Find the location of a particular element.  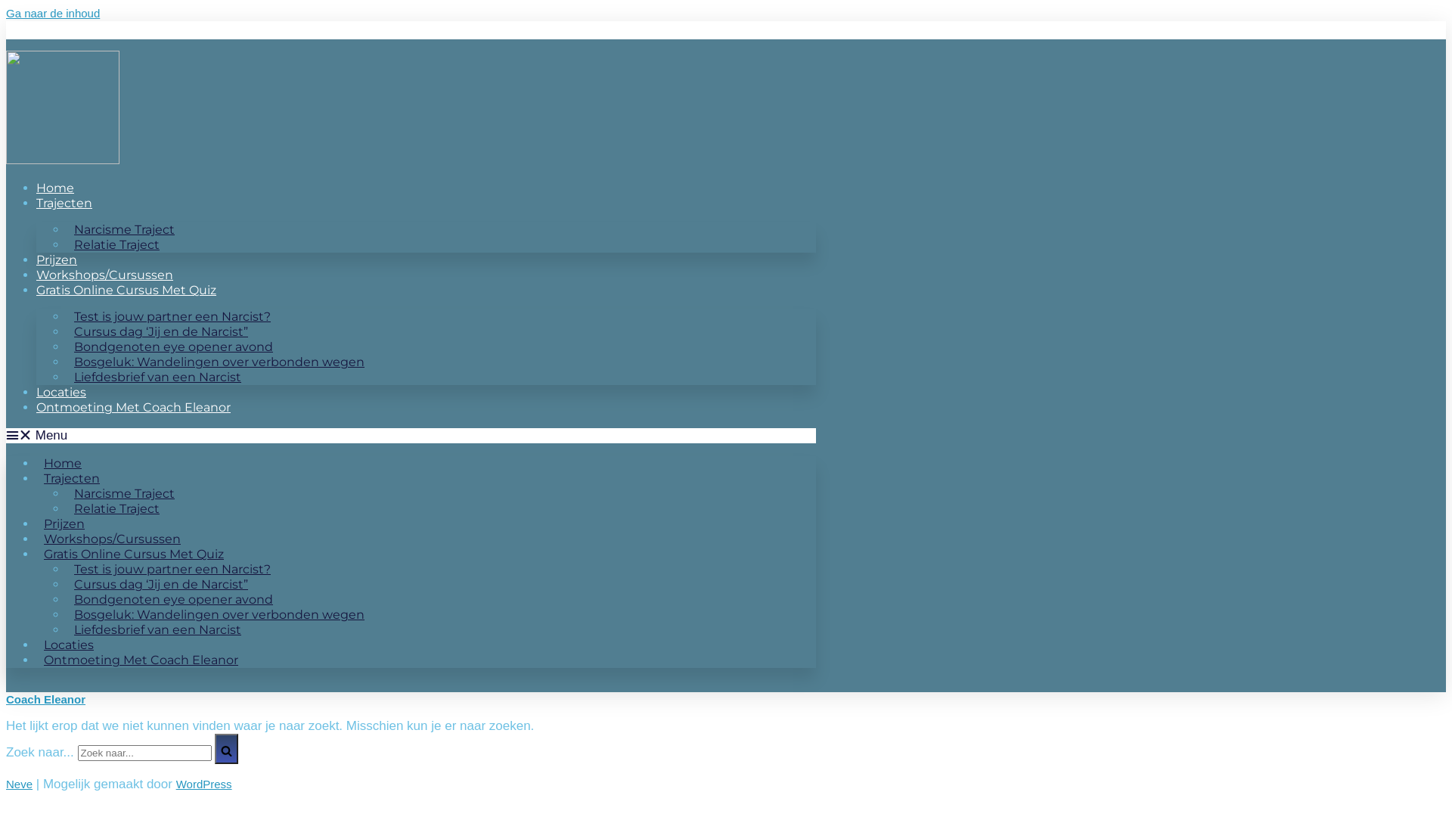

'Home' is located at coordinates (54, 187).